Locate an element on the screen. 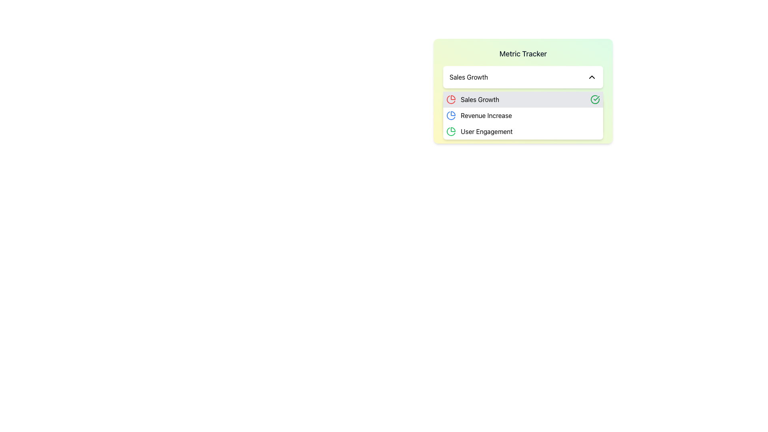  the red pie chart segment icon located next to the 'Sales Growth' label in the dropdown menu, which is the first icon in the list is located at coordinates (453, 97).